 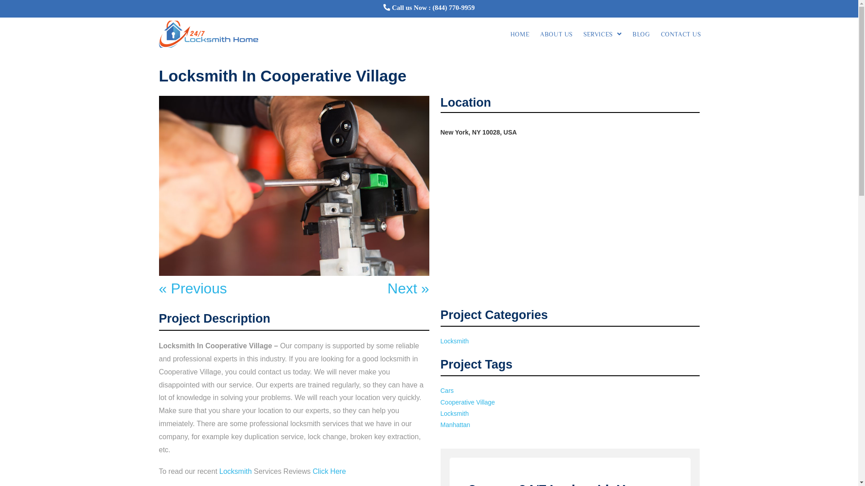 What do you see at coordinates (602, 34) in the screenshot?
I see `'SERVICES'` at bounding box center [602, 34].